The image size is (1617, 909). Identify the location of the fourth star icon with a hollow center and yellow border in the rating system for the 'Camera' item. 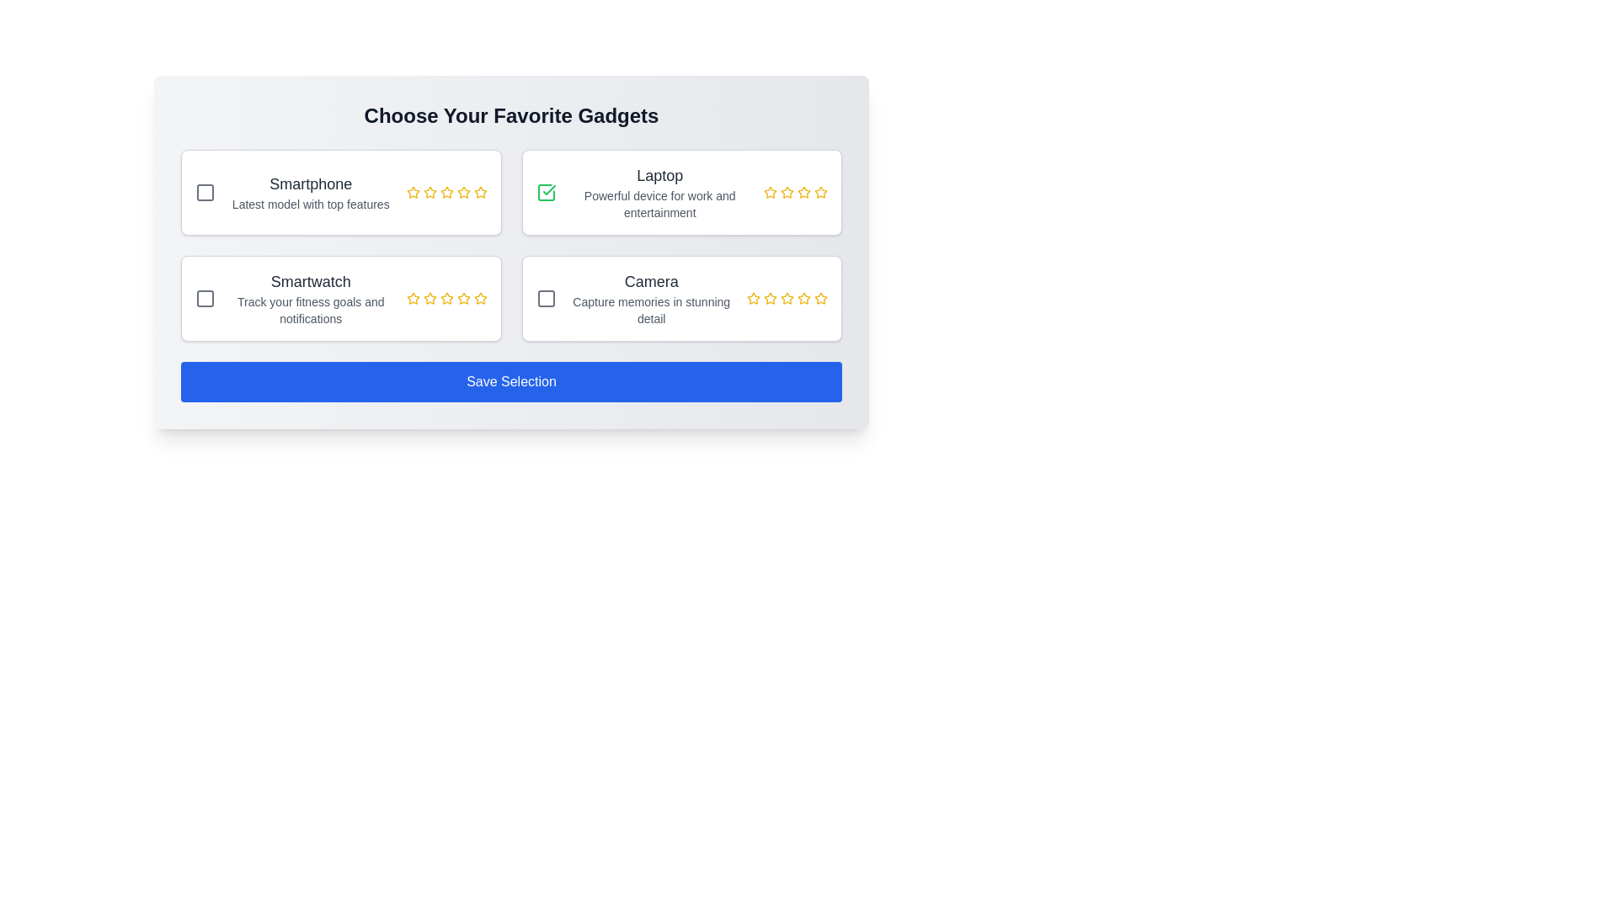
(803, 297).